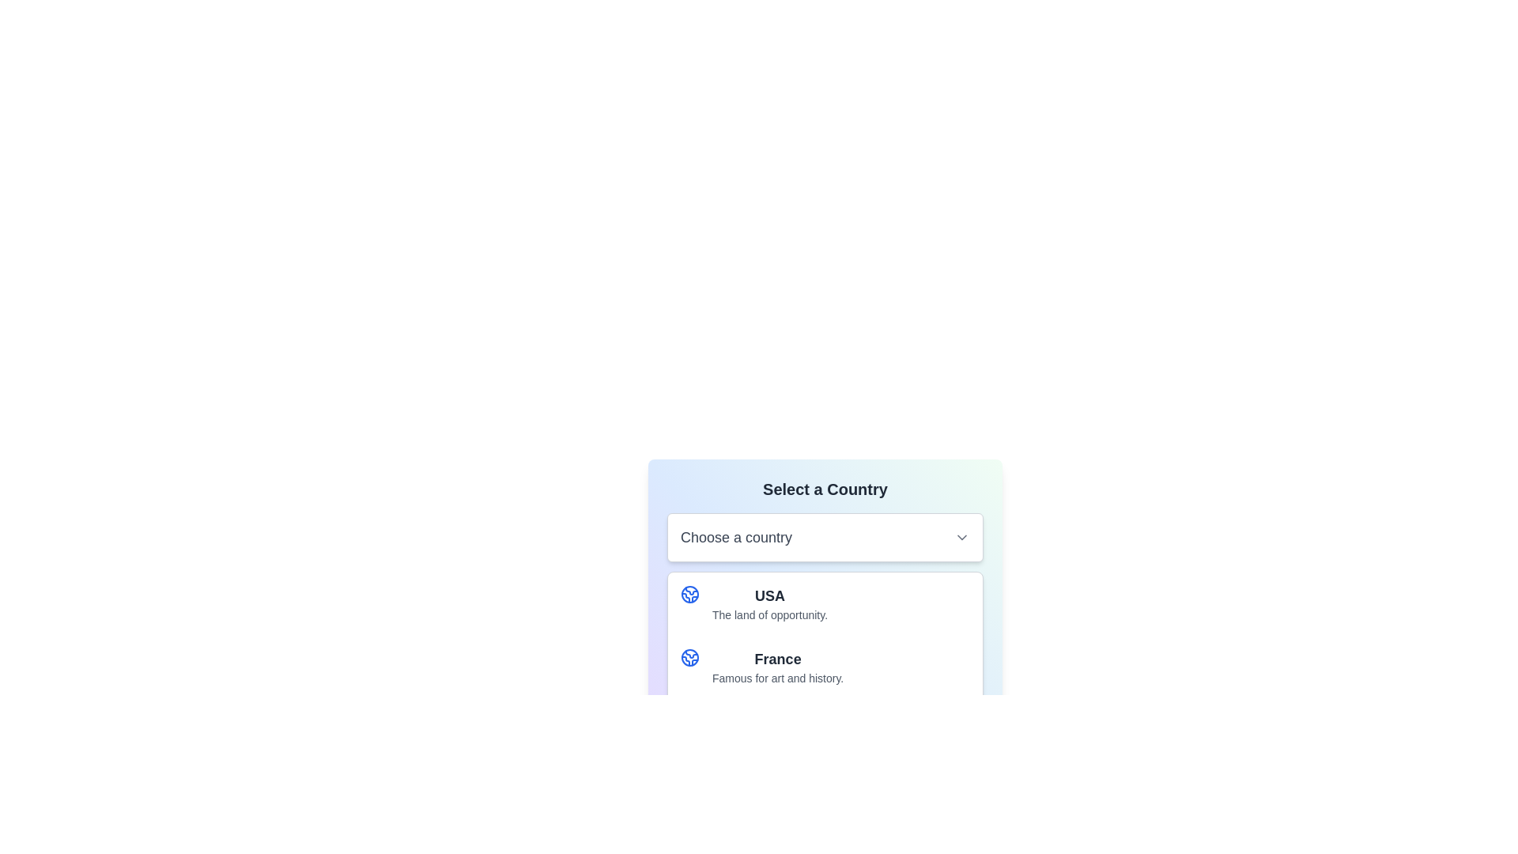 This screenshot has width=1518, height=854. Describe the element at coordinates (778, 677) in the screenshot. I see `the descriptive text label that provides additional information about the country 'France', positioned below the main text 'France'` at that location.